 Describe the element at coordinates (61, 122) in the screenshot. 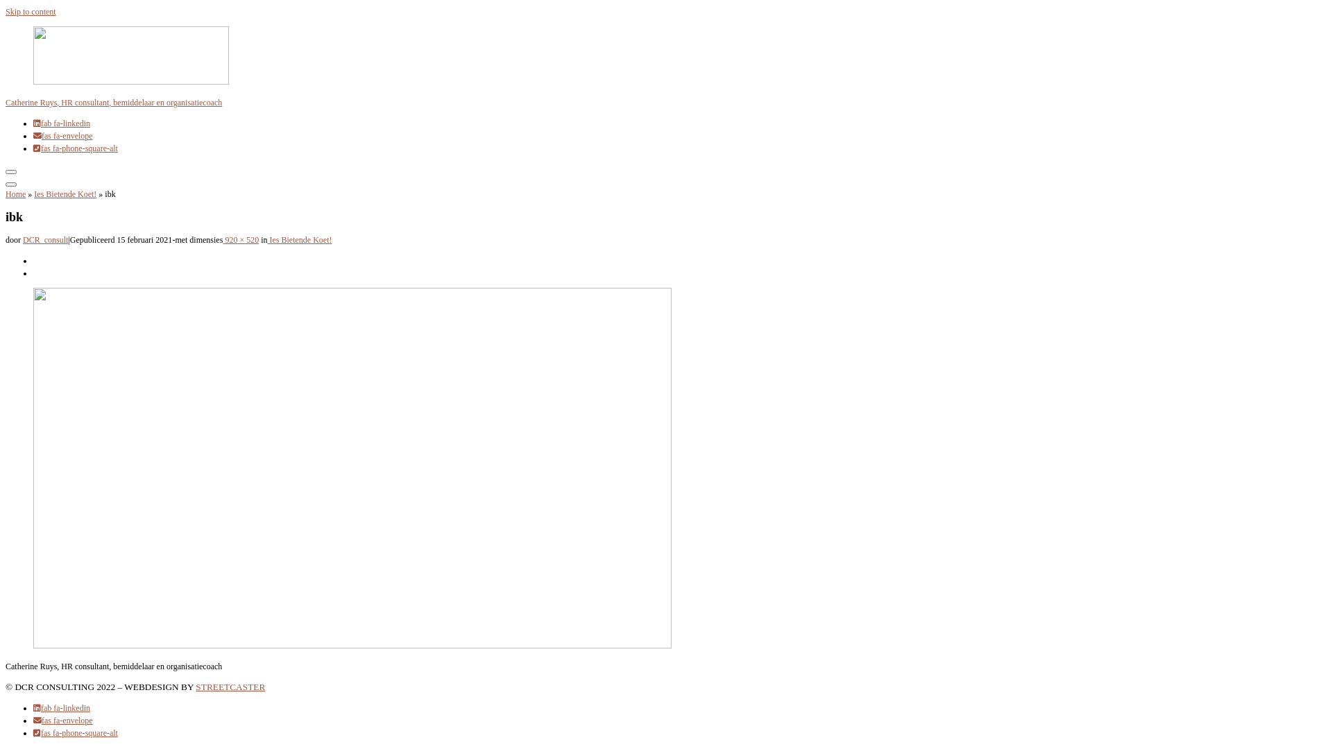

I see `'fab fa-linkedin'` at that location.